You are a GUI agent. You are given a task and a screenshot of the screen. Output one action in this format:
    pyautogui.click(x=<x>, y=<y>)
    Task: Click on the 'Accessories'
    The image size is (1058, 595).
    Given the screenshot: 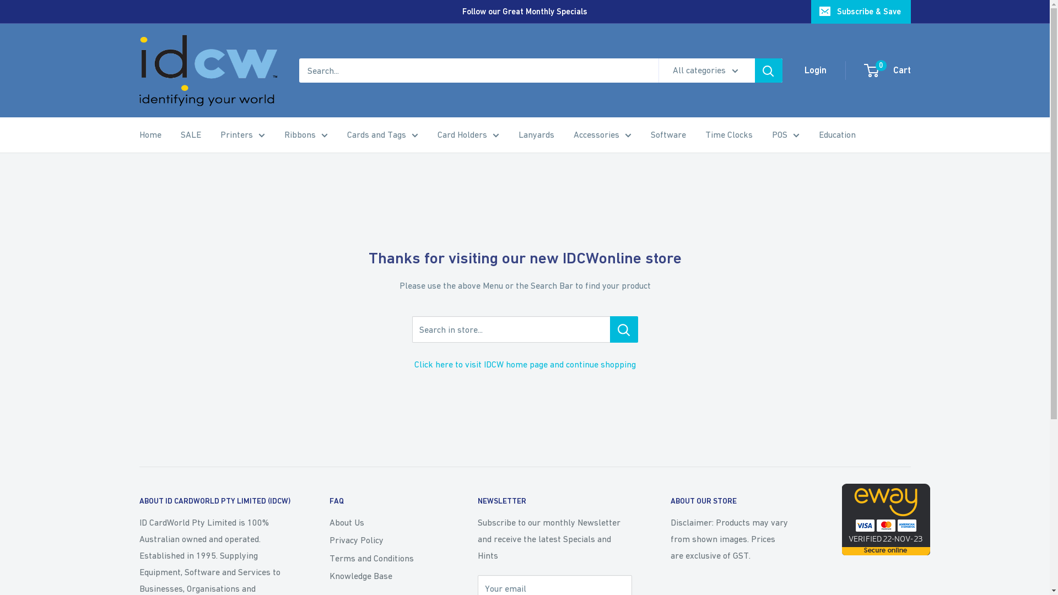 What is the action you would take?
    pyautogui.click(x=601, y=134)
    